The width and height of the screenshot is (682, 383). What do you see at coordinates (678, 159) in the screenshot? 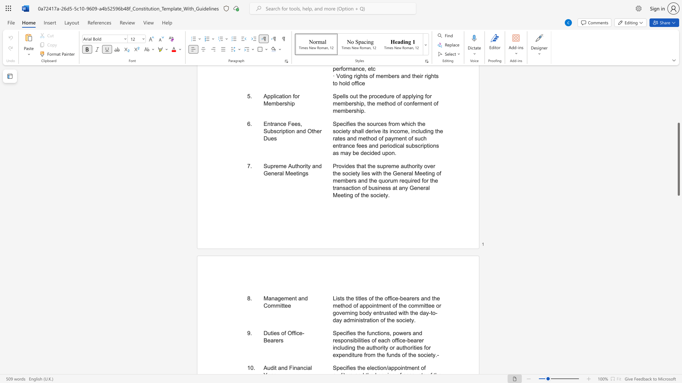
I see `the scrollbar and move down 720 pixels` at bounding box center [678, 159].